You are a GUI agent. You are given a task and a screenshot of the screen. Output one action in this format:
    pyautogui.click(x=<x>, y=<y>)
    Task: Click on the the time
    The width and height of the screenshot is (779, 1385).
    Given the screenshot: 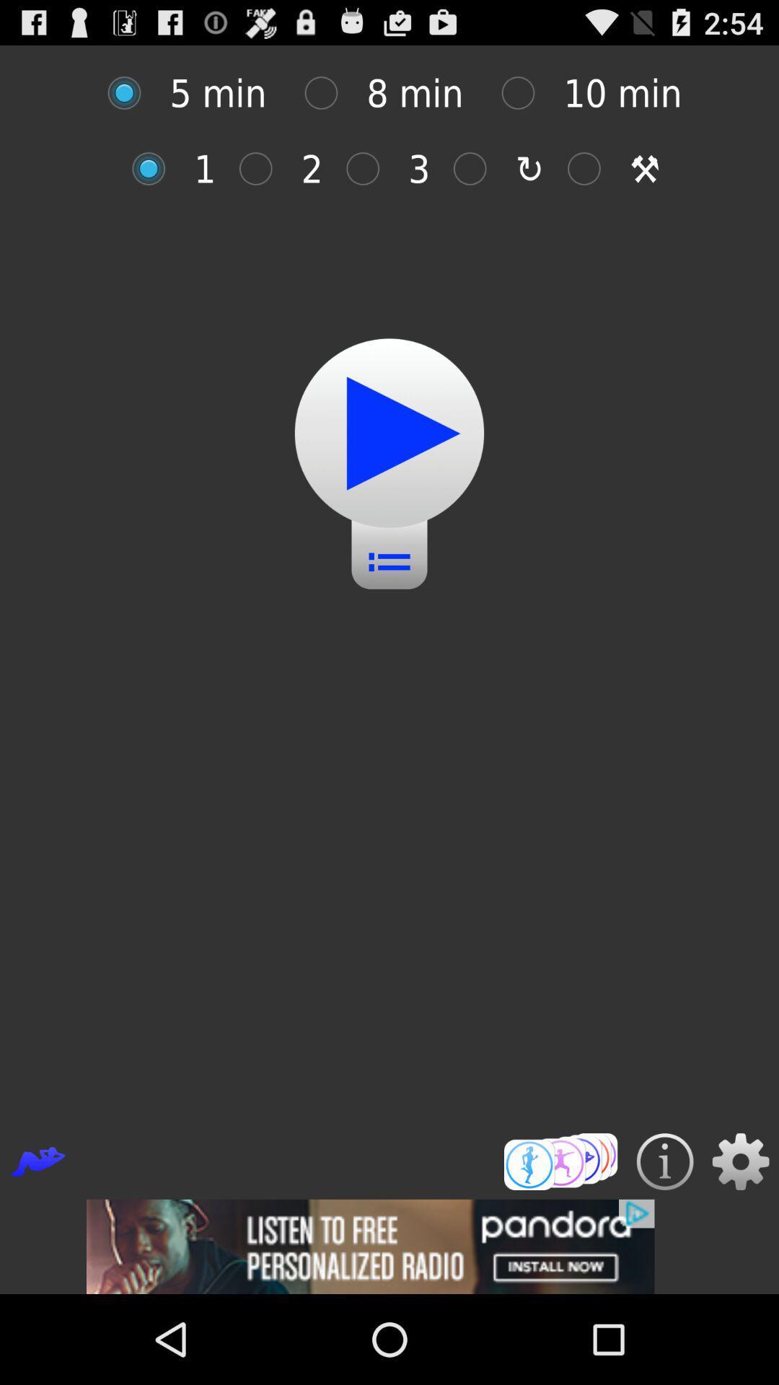 What is the action you would take?
    pyautogui.click(x=131, y=92)
    